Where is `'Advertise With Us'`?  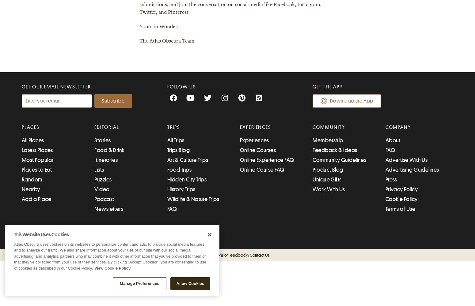 'Advertise With Us' is located at coordinates (406, 160).